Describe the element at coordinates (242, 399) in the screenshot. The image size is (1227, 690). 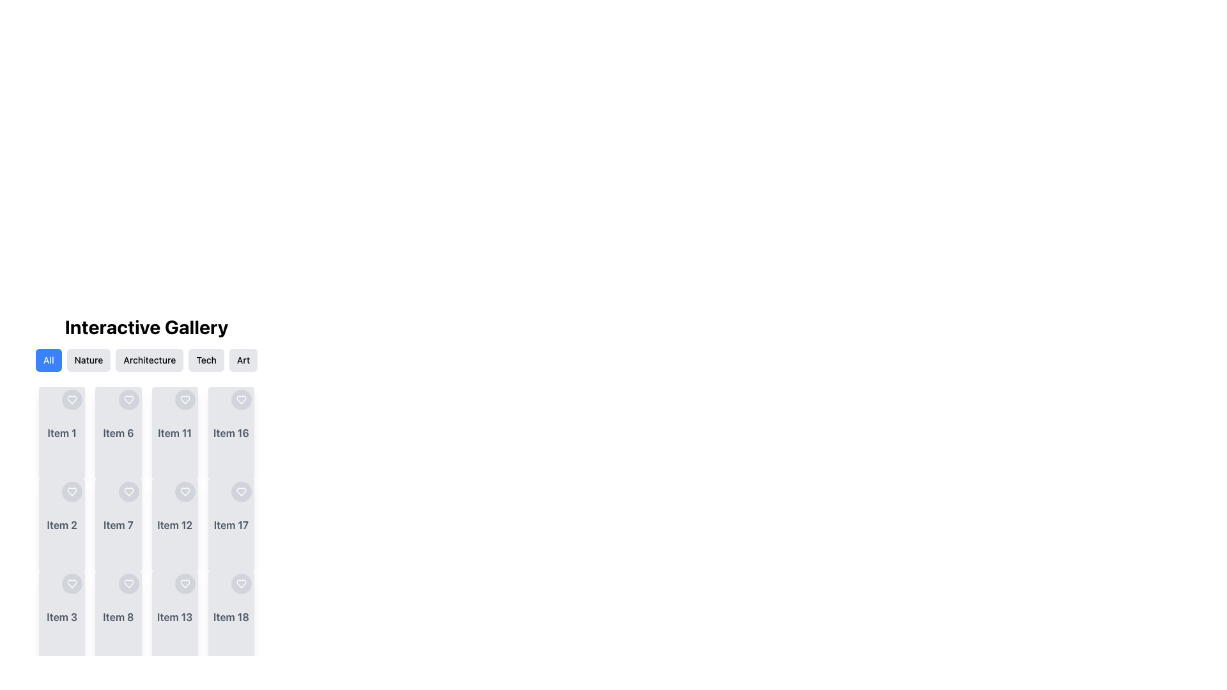
I see `the heart-shaped icon located in the fourth column and fourth row of the grid layout` at that location.